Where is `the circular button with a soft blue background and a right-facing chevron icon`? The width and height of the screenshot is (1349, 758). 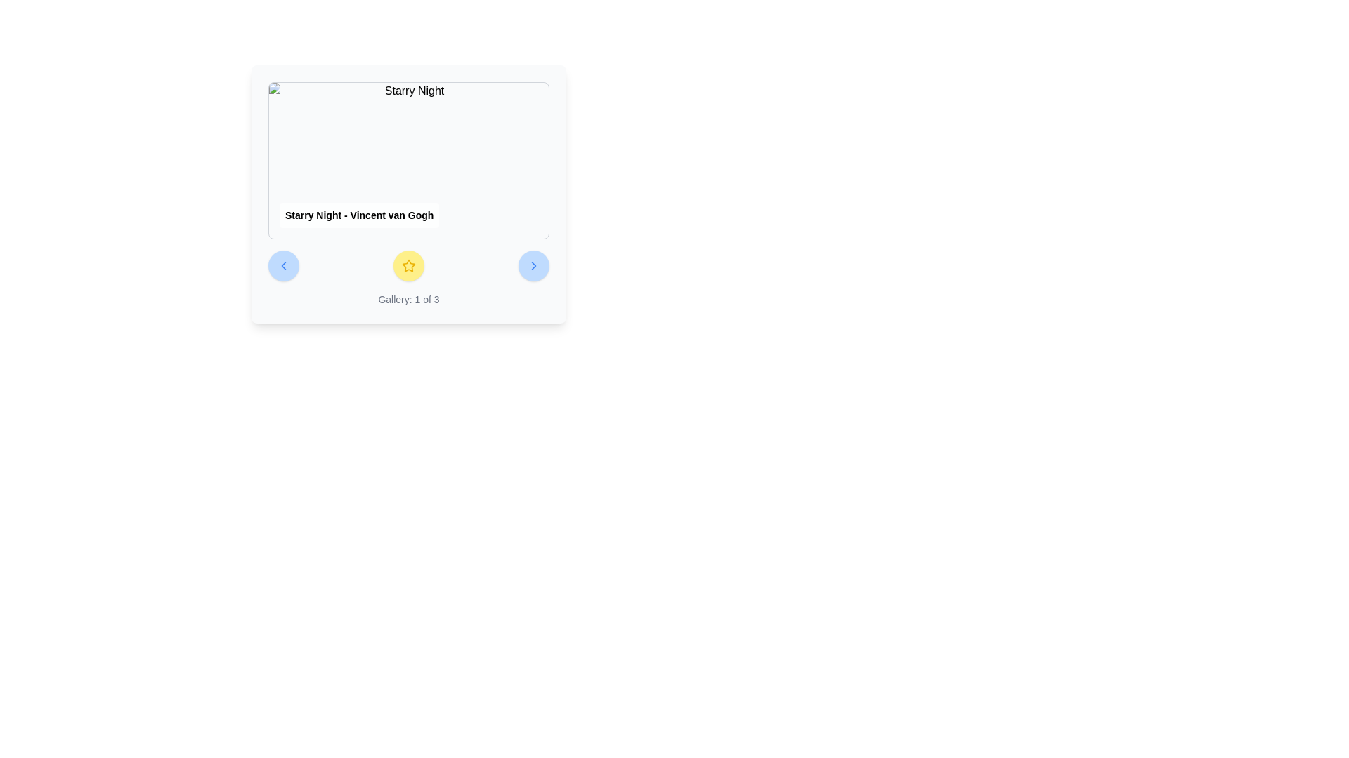 the circular button with a soft blue background and a right-facing chevron icon is located at coordinates (533, 265).